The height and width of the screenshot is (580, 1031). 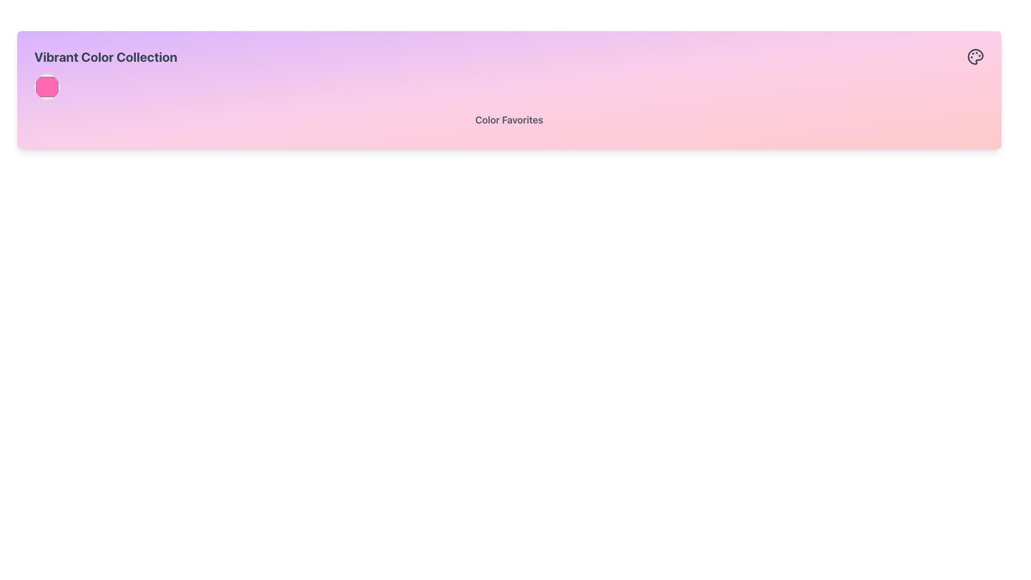 What do you see at coordinates (509, 121) in the screenshot?
I see `the 'Color Favorites' text label, which is styled in a medium-large bold gray font and located near the bottom of the 'Vibrant Color Collection' card` at bounding box center [509, 121].